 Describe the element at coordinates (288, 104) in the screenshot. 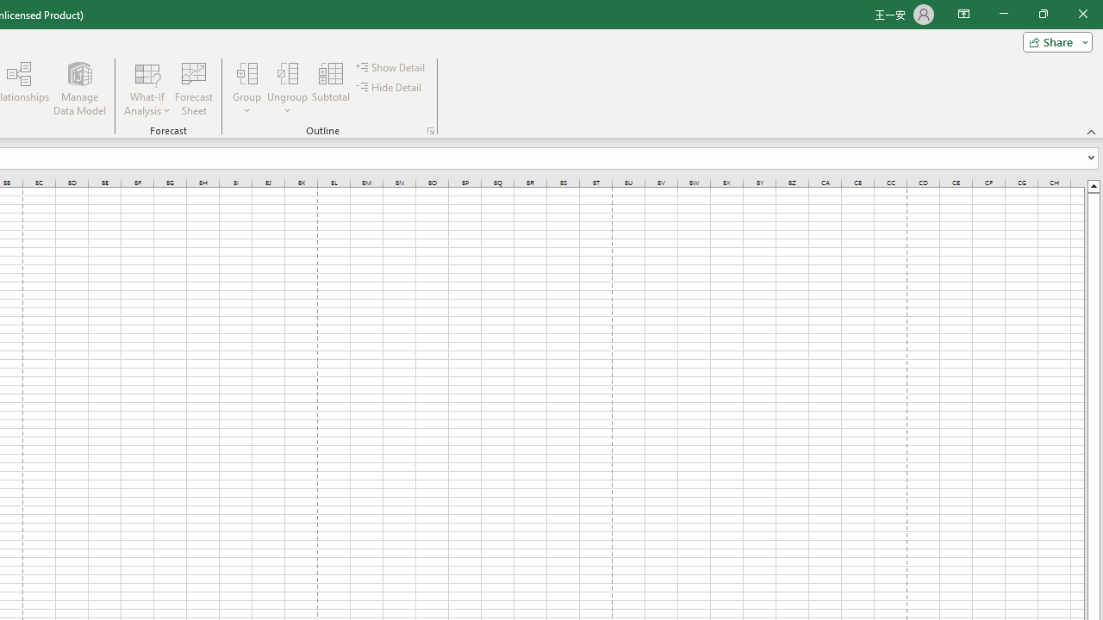

I see `'More Options'` at that location.